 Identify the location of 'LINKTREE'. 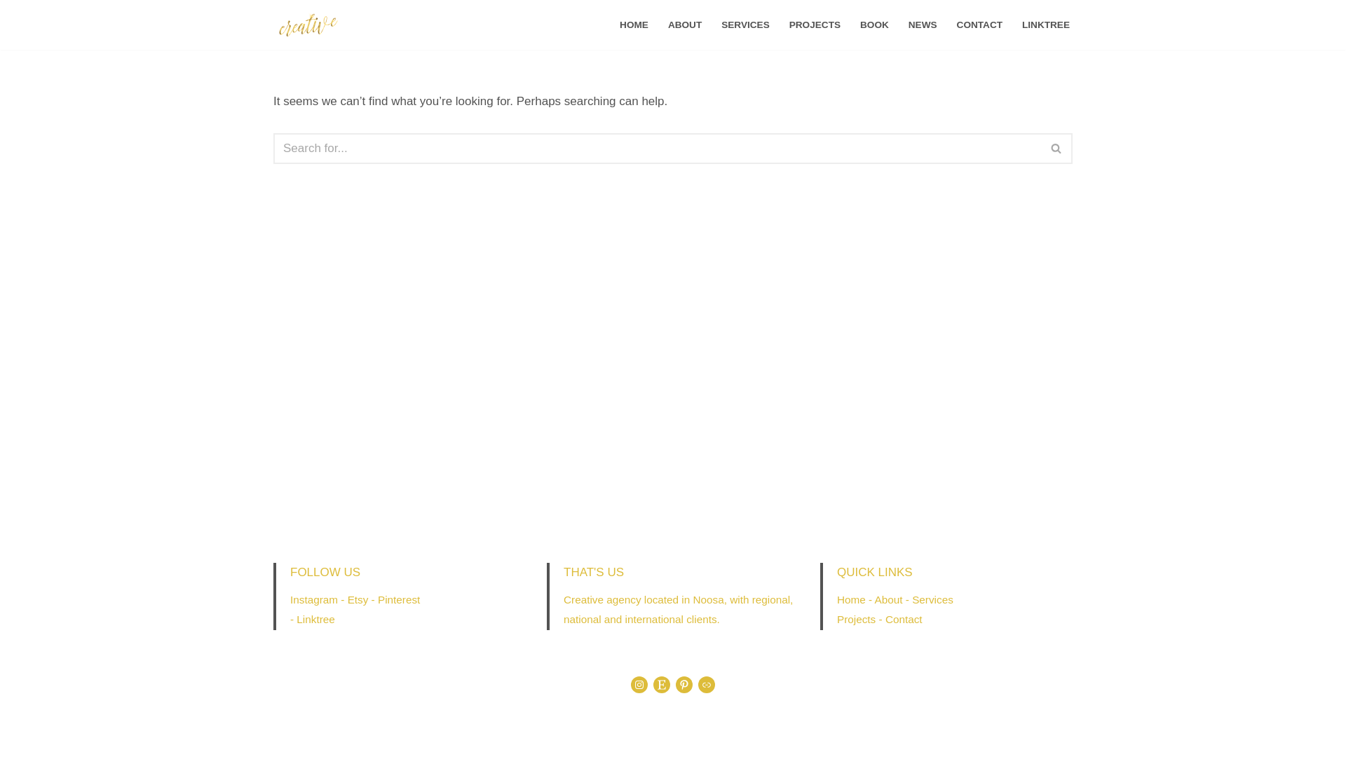
(1046, 25).